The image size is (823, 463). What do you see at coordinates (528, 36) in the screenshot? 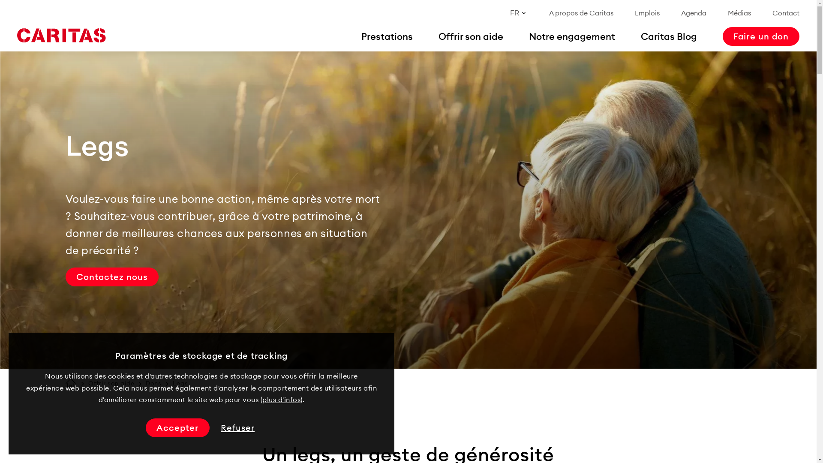
I see `'Notre engagement'` at bounding box center [528, 36].